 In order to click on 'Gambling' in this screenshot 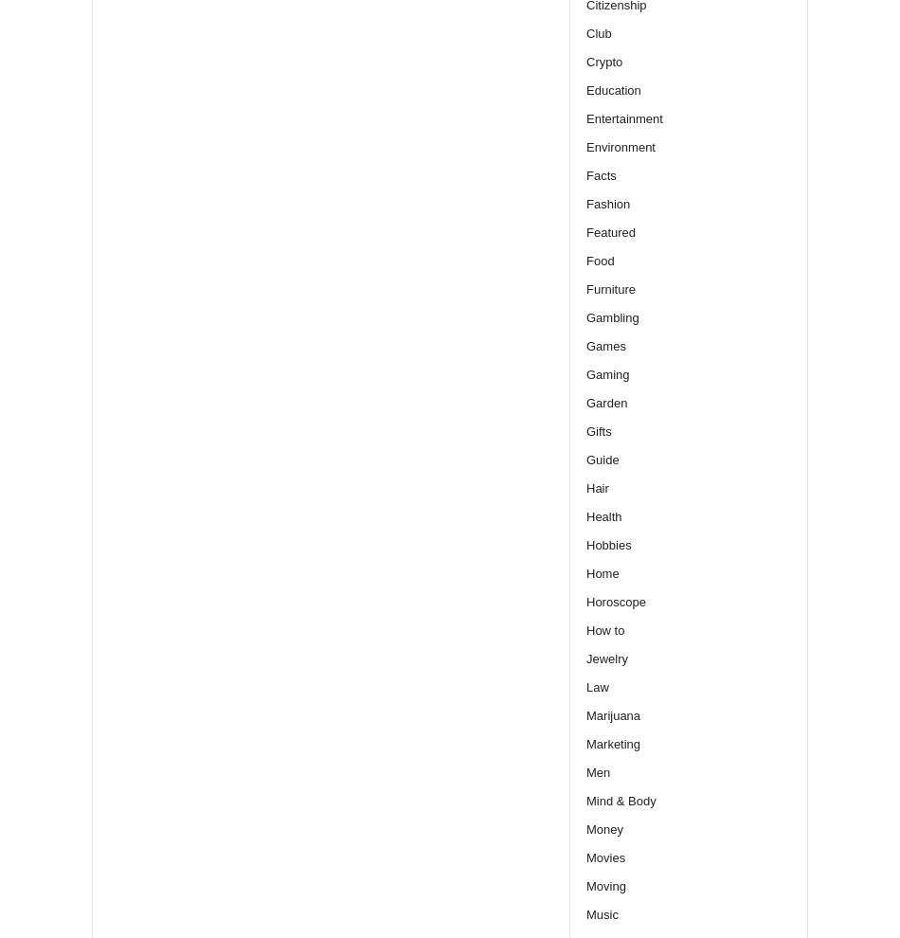, I will do `click(586, 316)`.